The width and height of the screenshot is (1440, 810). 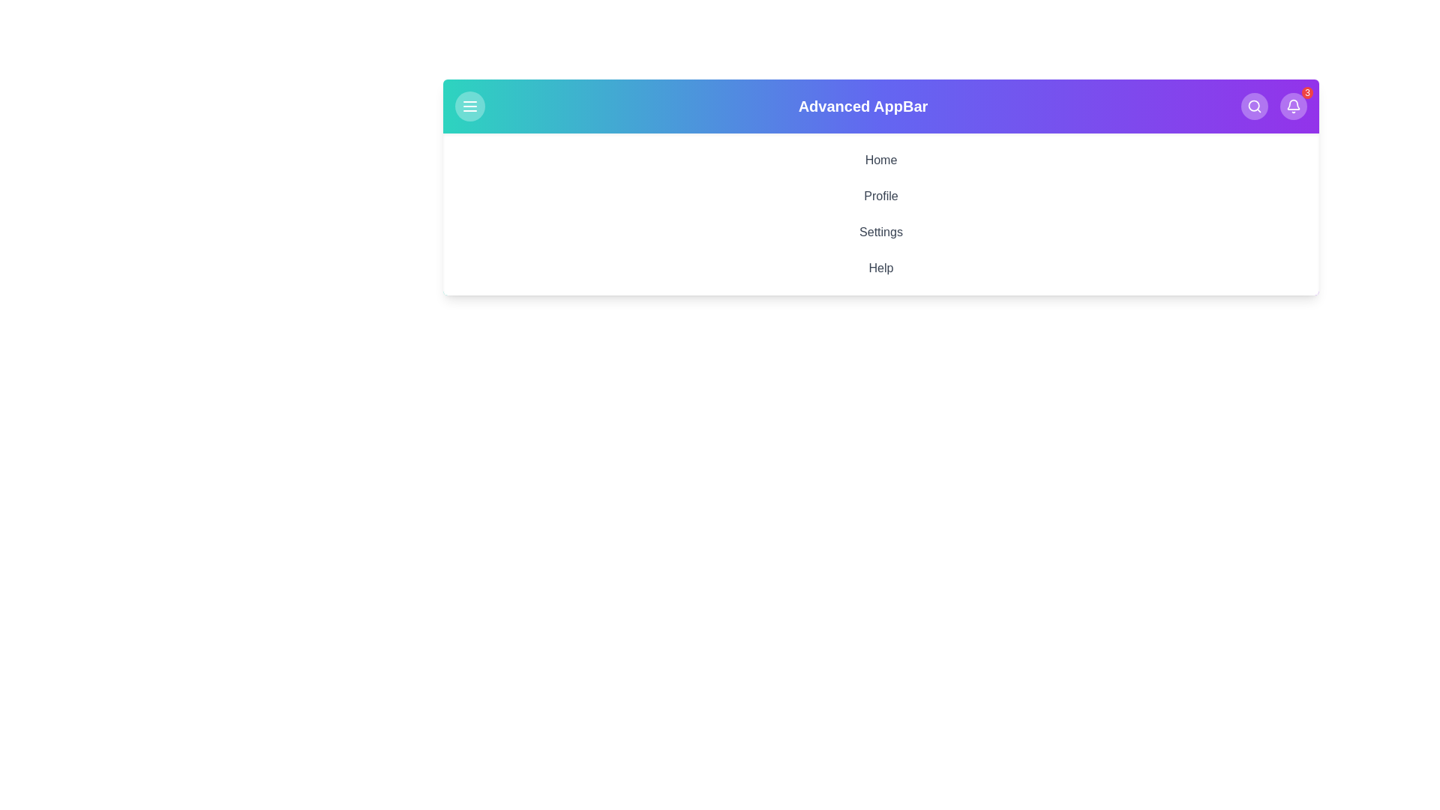 I want to click on the menu item Home, so click(x=881, y=160).